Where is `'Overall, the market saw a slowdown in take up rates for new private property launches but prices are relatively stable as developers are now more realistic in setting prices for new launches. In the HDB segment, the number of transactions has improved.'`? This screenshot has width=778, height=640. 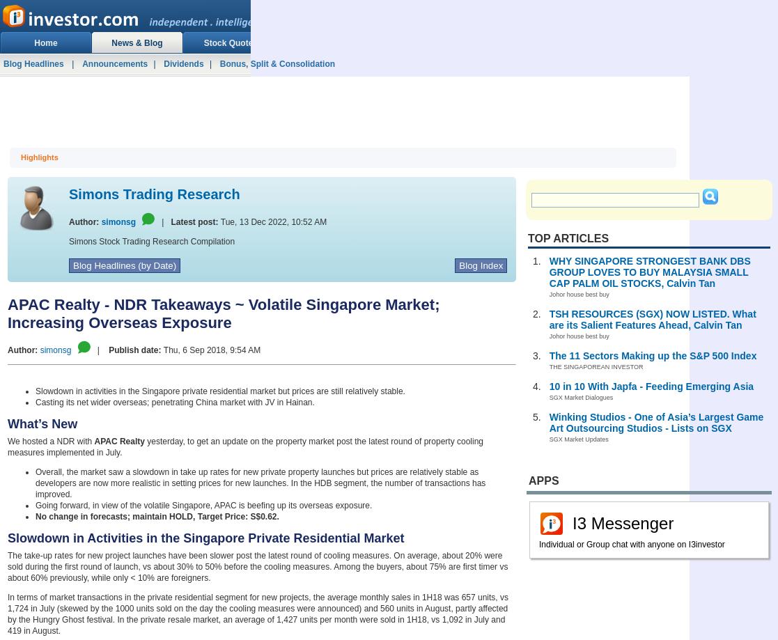
'Overall, the market saw a slowdown in take up rates for new private property launches but prices are relatively stable as developers are now more realistic in setting prices for new launches. In the HDB segment, the number of transactions has improved.' is located at coordinates (260, 483).